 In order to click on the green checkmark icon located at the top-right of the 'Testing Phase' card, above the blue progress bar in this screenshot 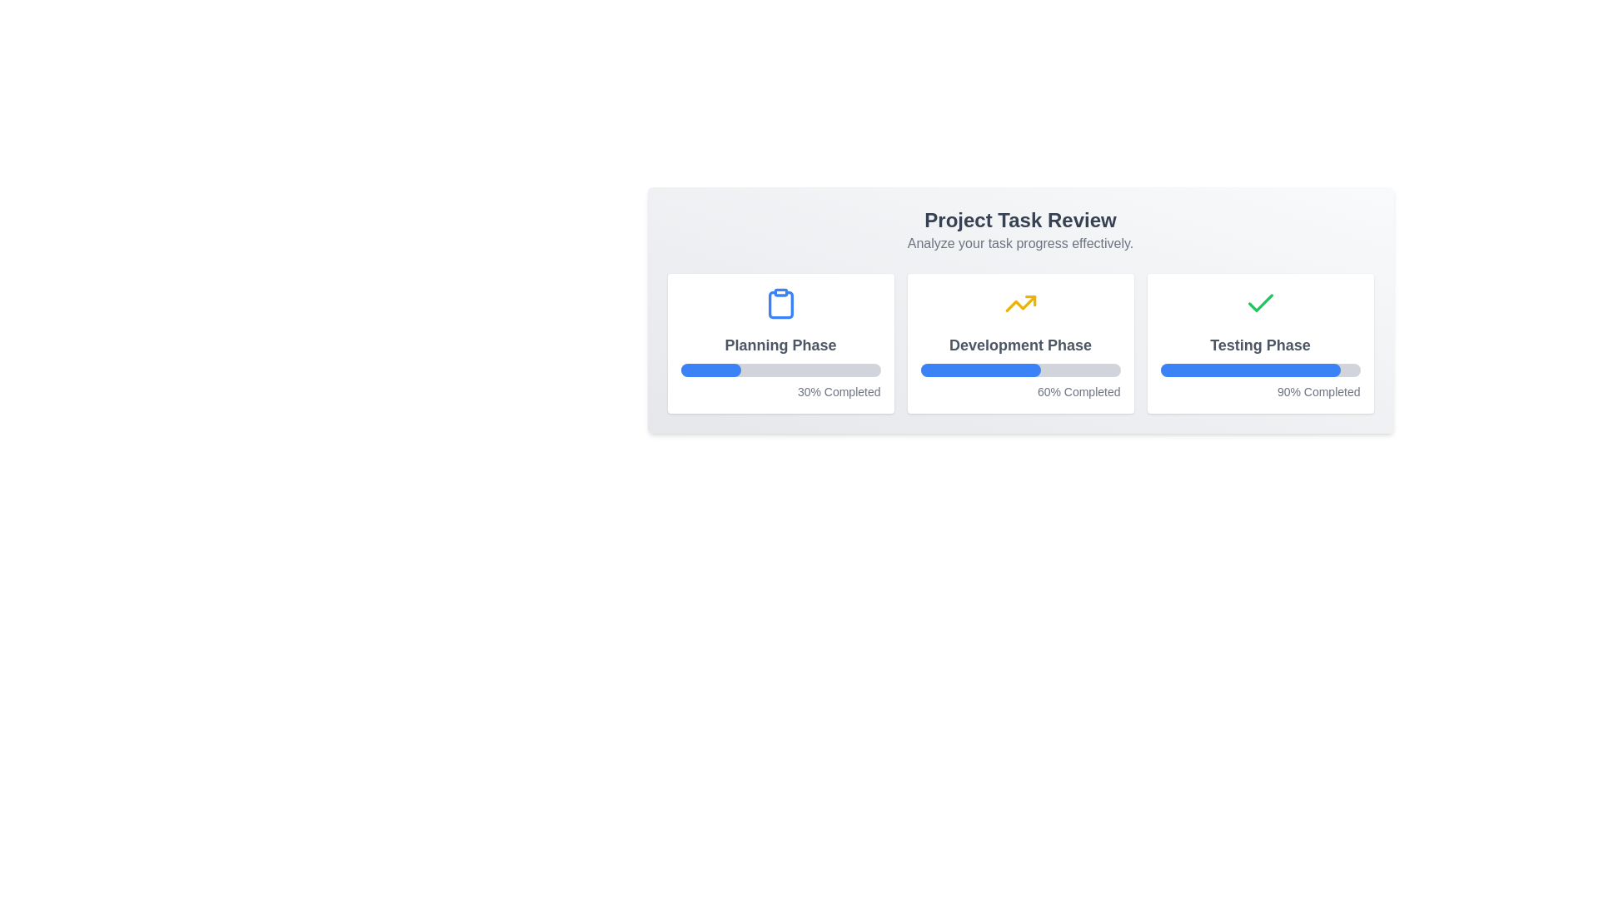, I will do `click(1260, 303)`.